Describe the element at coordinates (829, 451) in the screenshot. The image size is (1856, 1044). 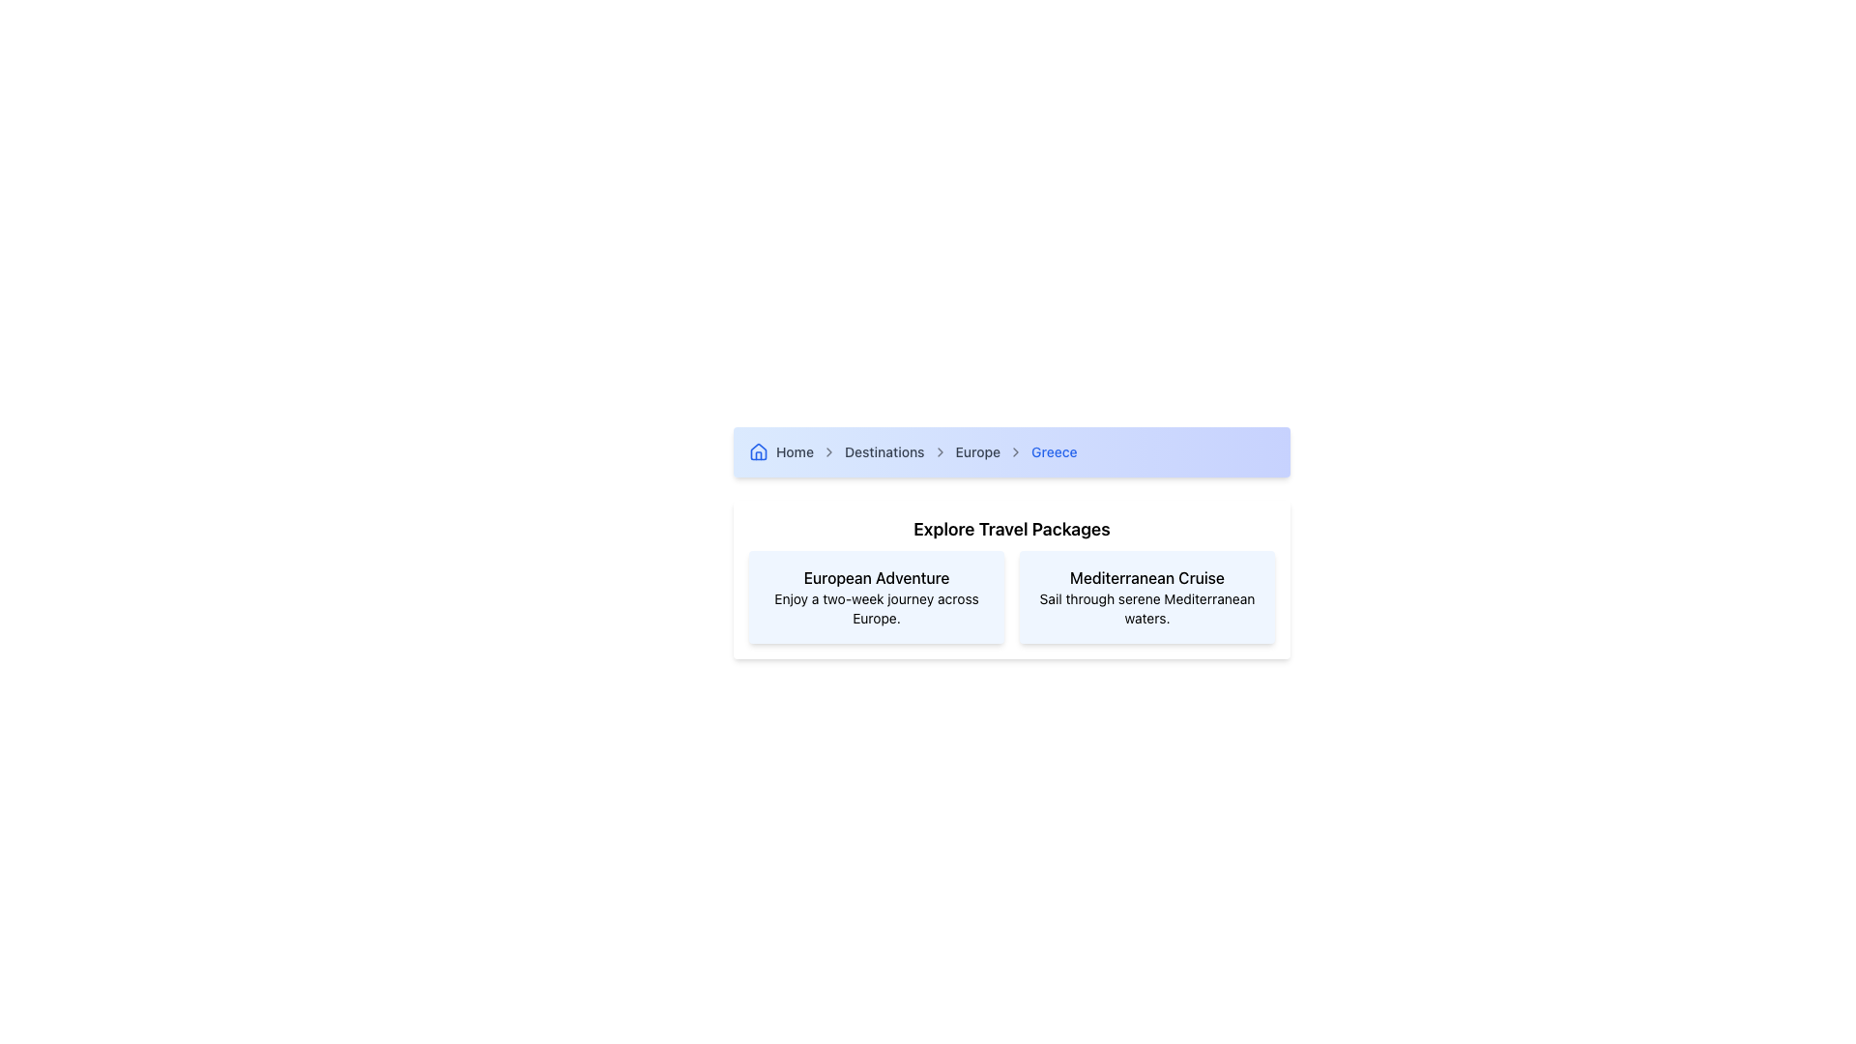
I see `the visual indication of section transition by focusing on the first arrow icon in the breadcrumb navigation located between the 'Home' and 'Destinations' labels` at that location.